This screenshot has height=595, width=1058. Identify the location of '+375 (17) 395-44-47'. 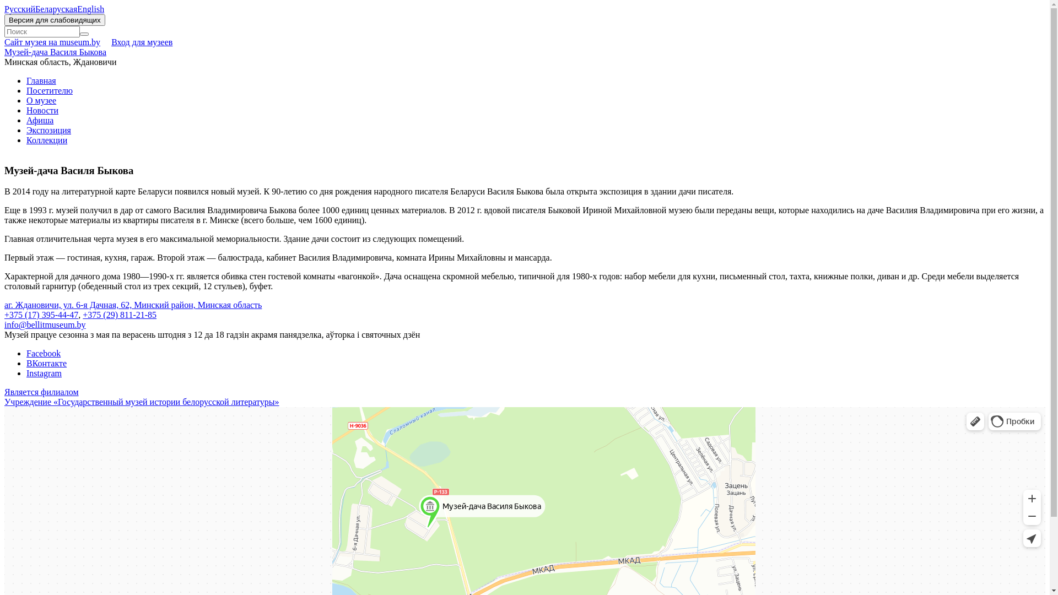
(41, 315).